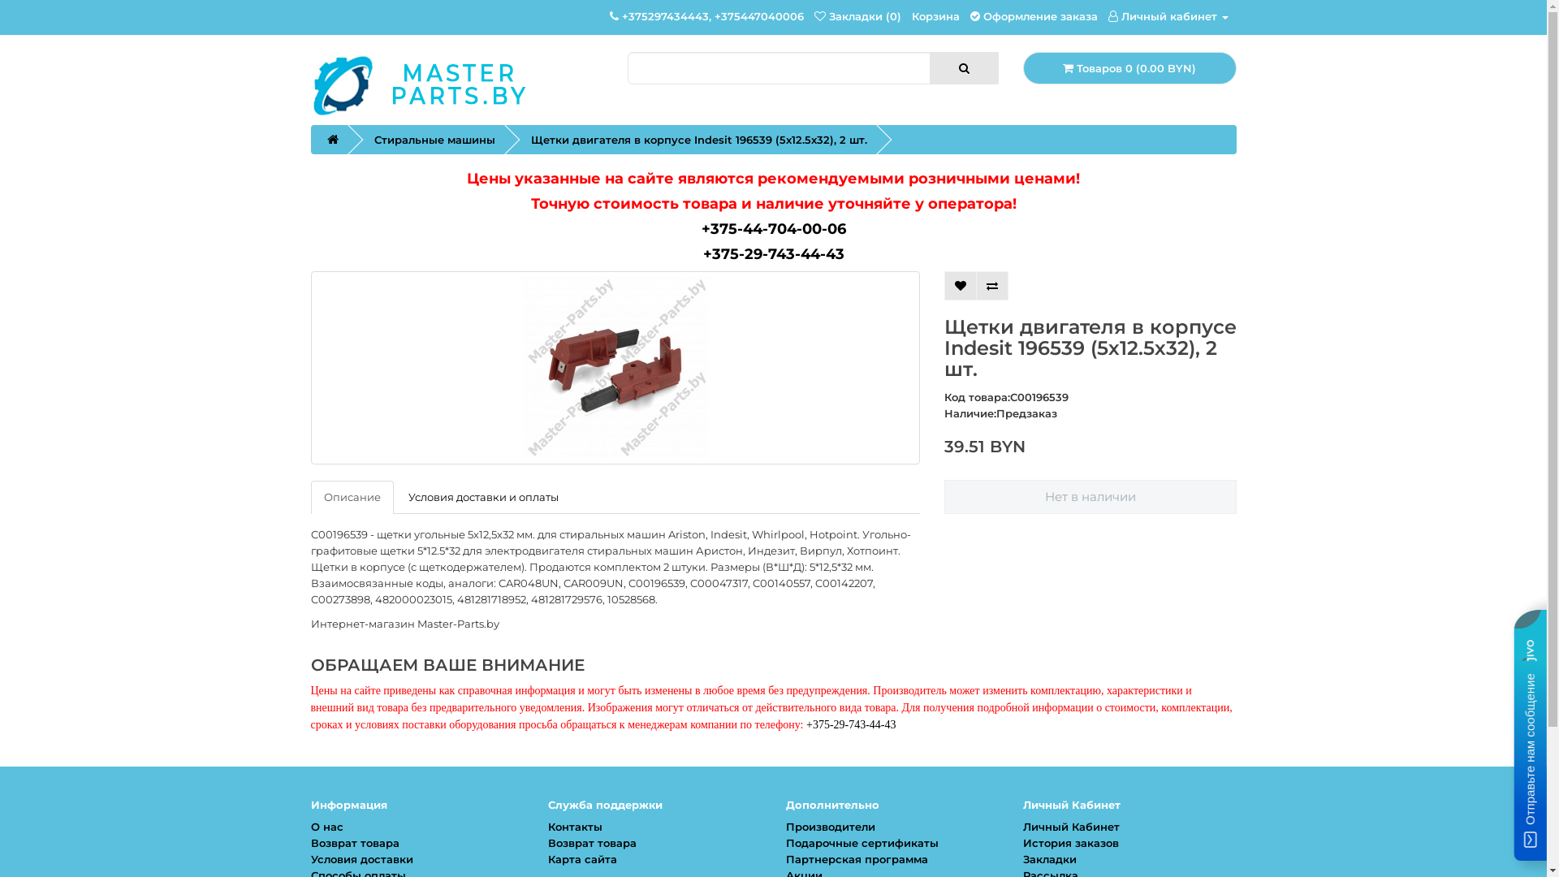 This screenshot has height=877, width=1559. What do you see at coordinates (773, 253) in the screenshot?
I see `'+375-29-743-44-43'` at bounding box center [773, 253].